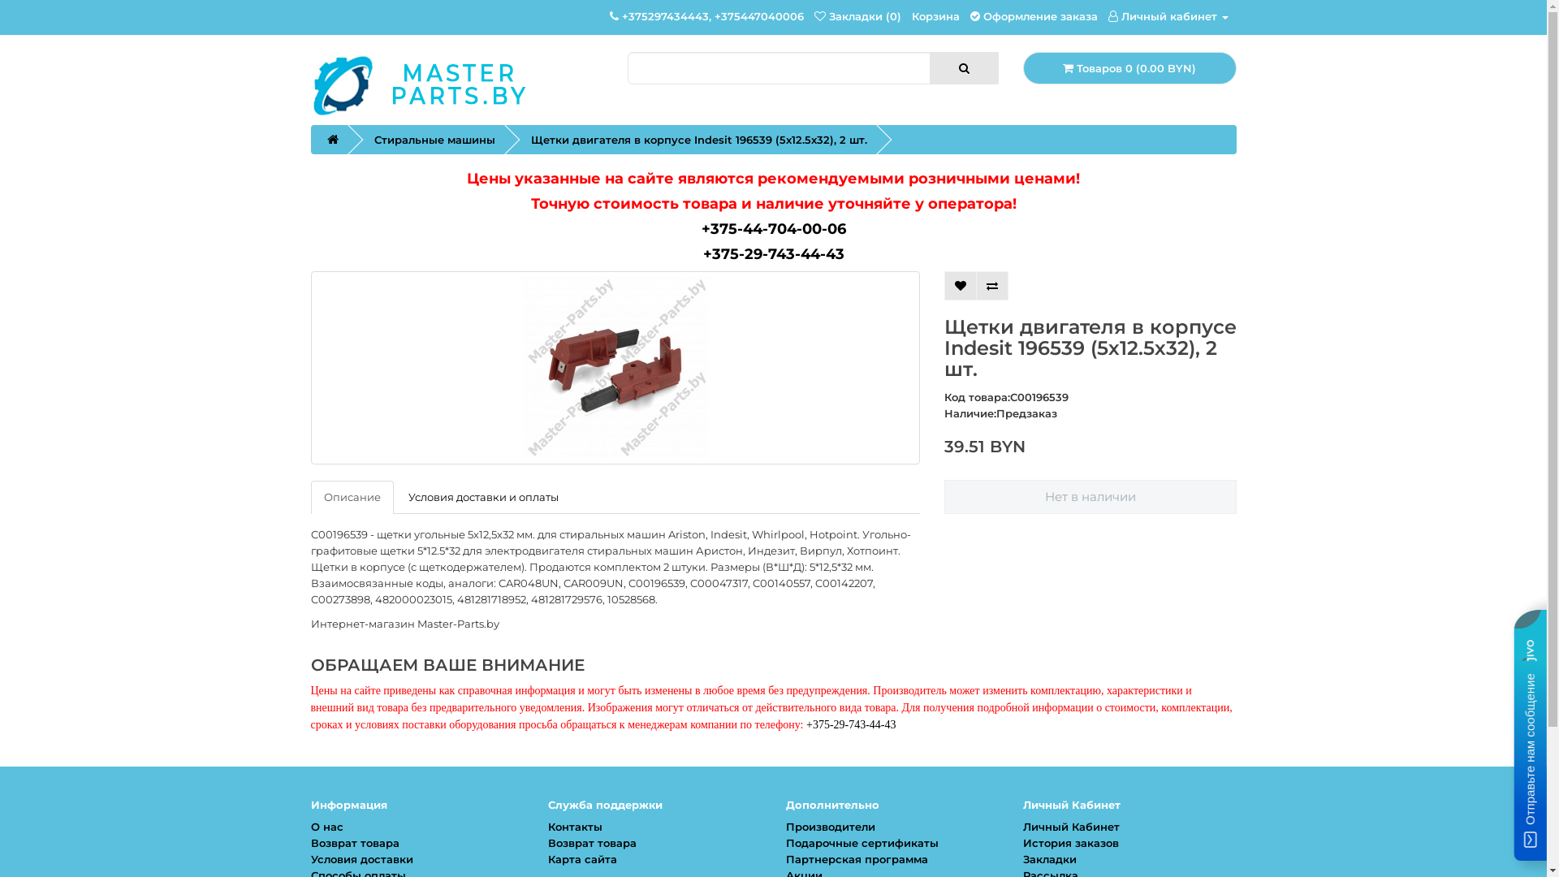 This screenshot has height=877, width=1559. What do you see at coordinates (773, 253) in the screenshot?
I see `'+375-29-743-44-43'` at bounding box center [773, 253].